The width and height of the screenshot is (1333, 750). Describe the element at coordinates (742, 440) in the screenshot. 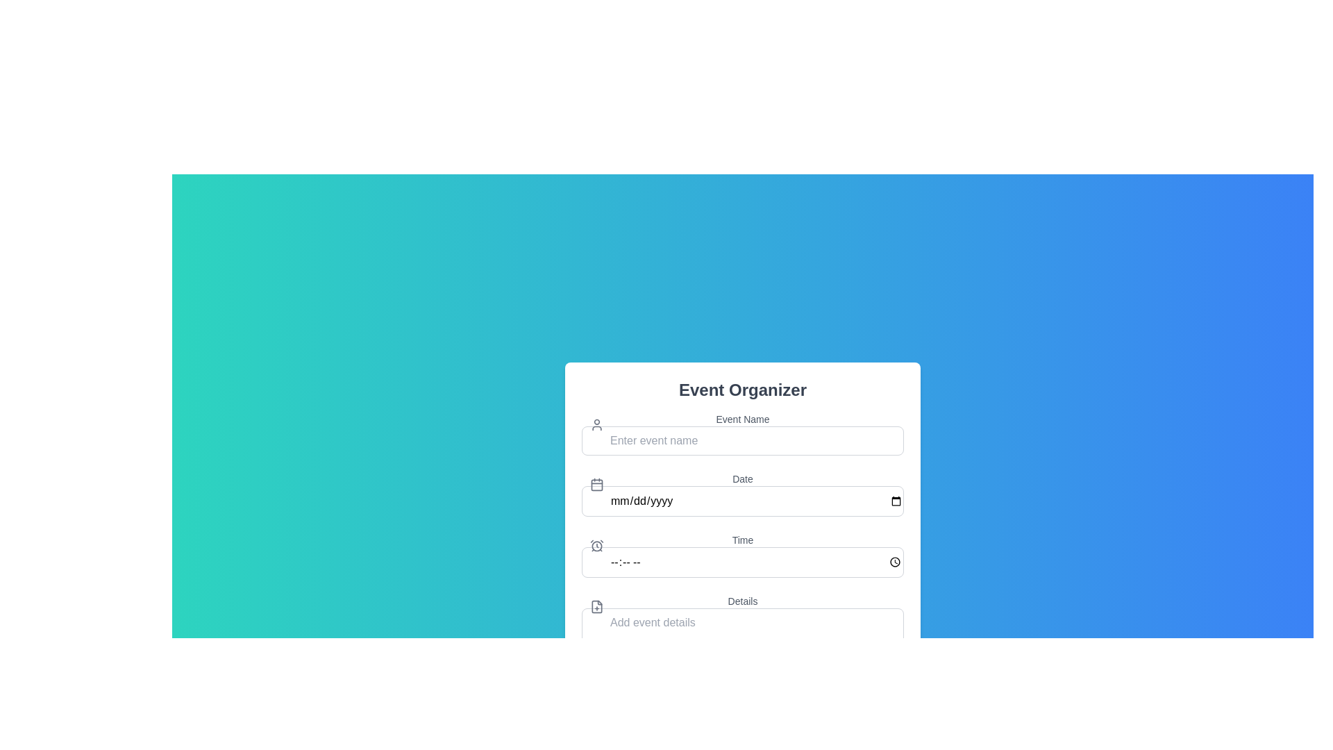

I see `the text input field with the placeholder 'Enter event name' by using the tab key` at that location.